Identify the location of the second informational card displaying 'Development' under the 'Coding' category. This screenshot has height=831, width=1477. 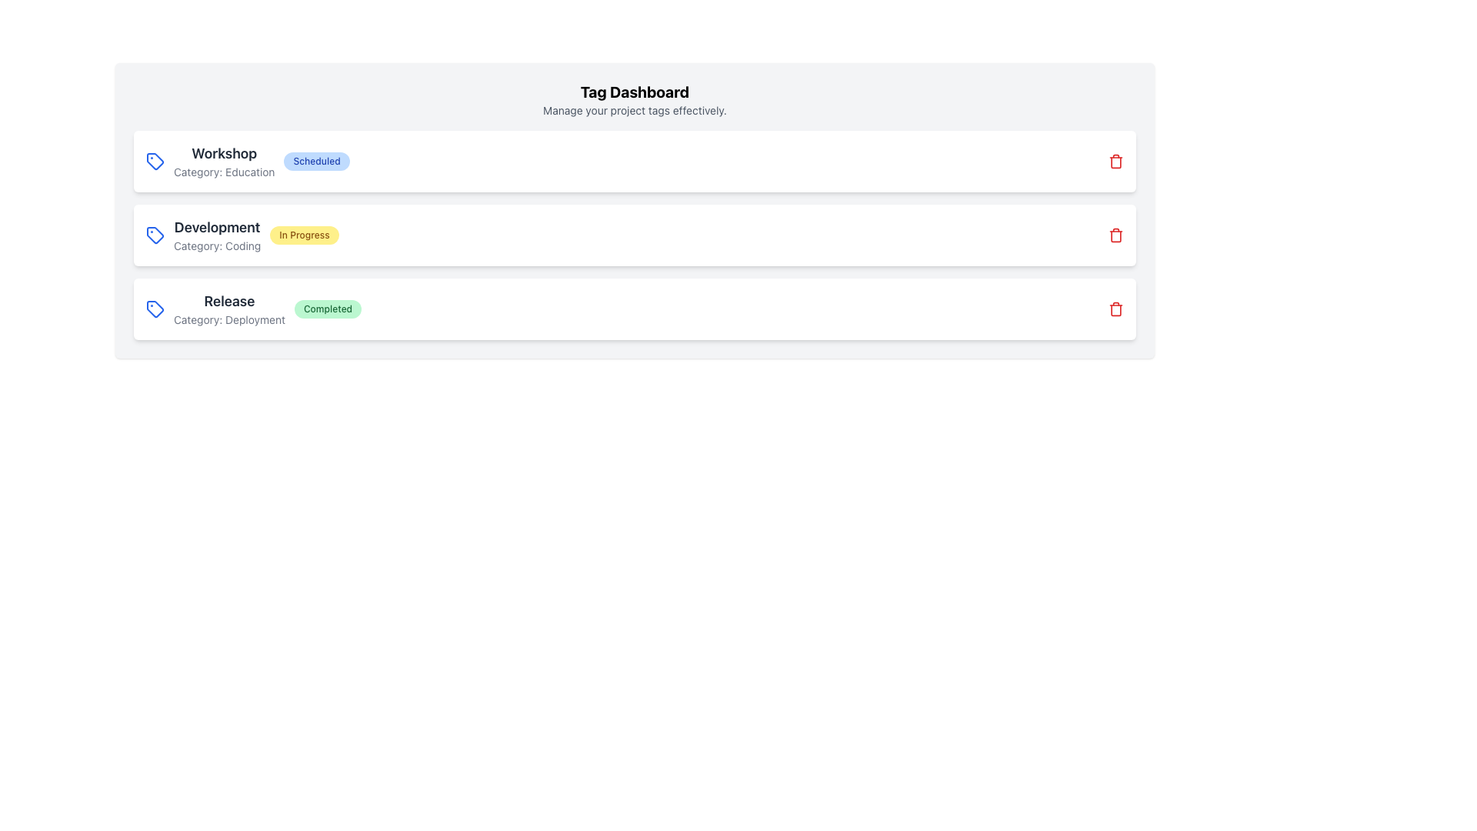
(635, 235).